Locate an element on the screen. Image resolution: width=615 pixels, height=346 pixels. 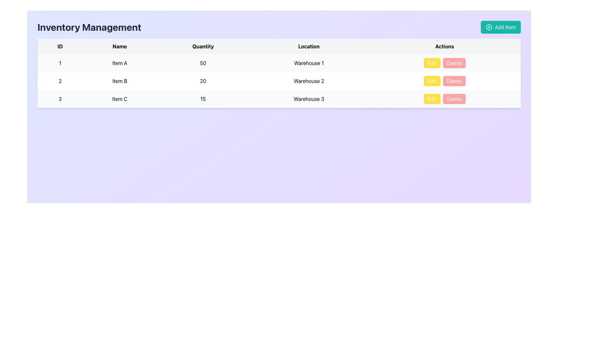
the yellow 'Edit' button in the Actions column is located at coordinates (432, 63).